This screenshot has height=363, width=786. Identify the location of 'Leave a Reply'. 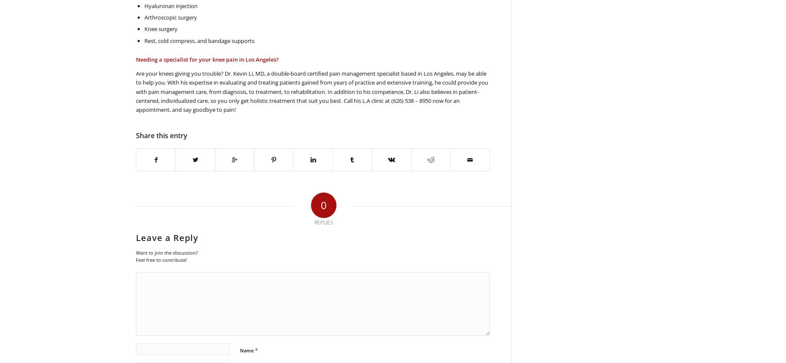
(136, 237).